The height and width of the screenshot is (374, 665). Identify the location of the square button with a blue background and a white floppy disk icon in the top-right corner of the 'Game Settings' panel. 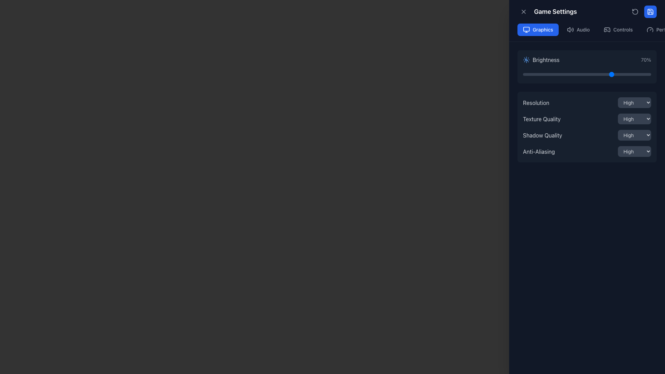
(650, 12).